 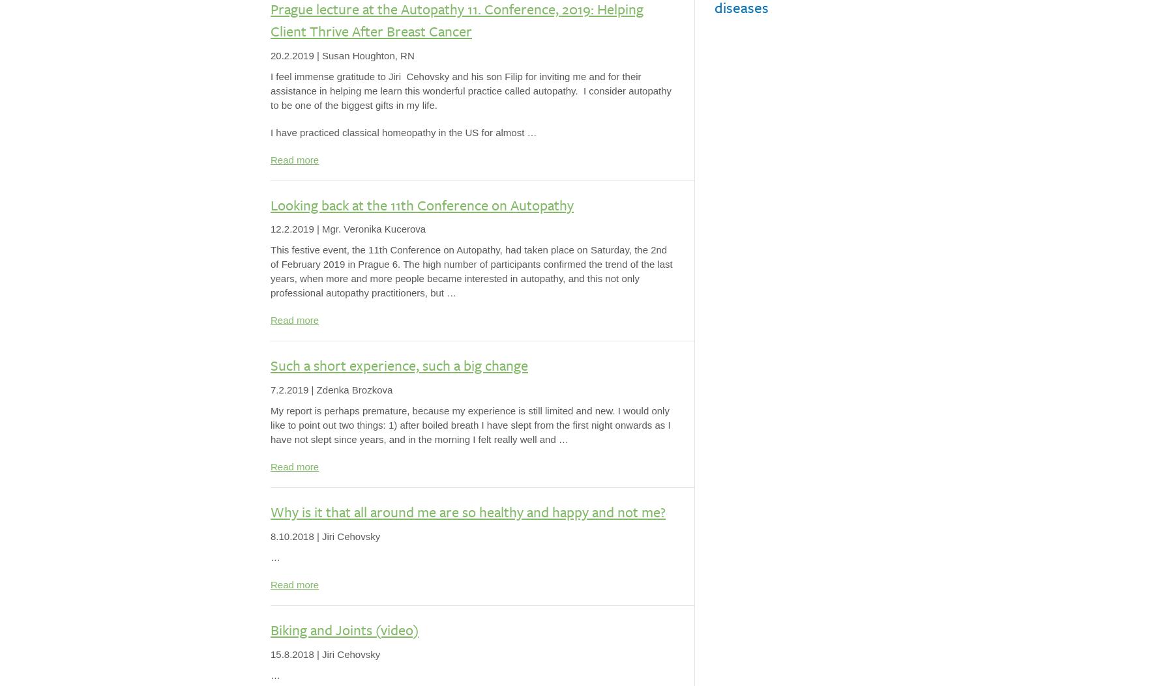 I want to click on 'I feel immense
gratitude to Jiri  Cehovsky and his son
Filip for inviting me and for their assistance in helping me learn this
wonderful practice called autopathy.  I
consider autopathy to be one of the biggest gifts in my life.', so click(x=470, y=90).